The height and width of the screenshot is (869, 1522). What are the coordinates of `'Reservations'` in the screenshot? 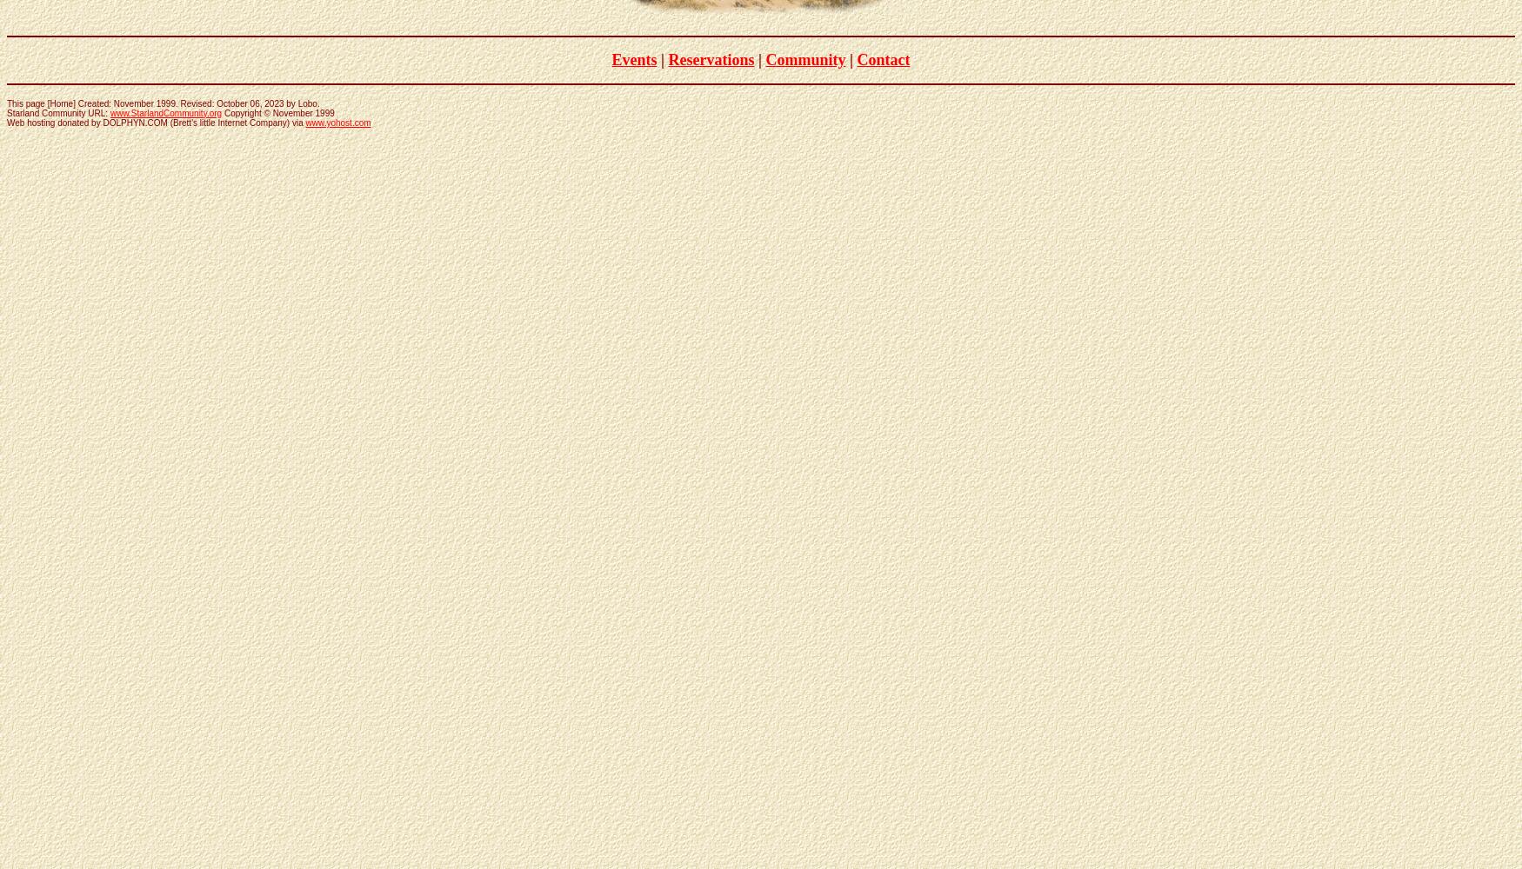 It's located at (711, 58).